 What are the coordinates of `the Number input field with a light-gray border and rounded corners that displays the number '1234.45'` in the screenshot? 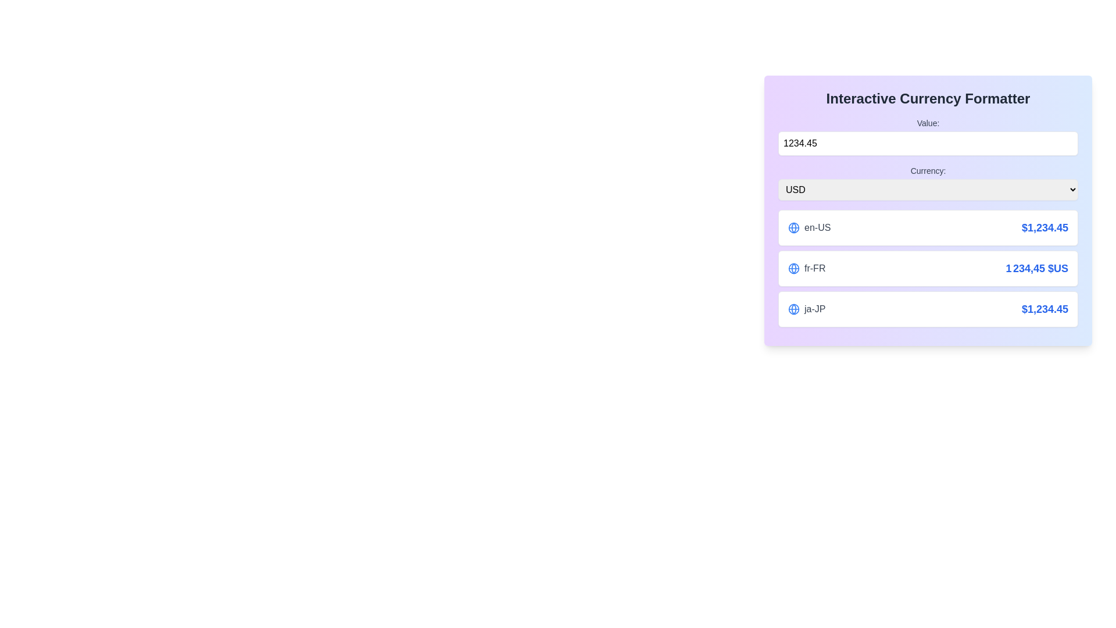 It's located at (928, 142).